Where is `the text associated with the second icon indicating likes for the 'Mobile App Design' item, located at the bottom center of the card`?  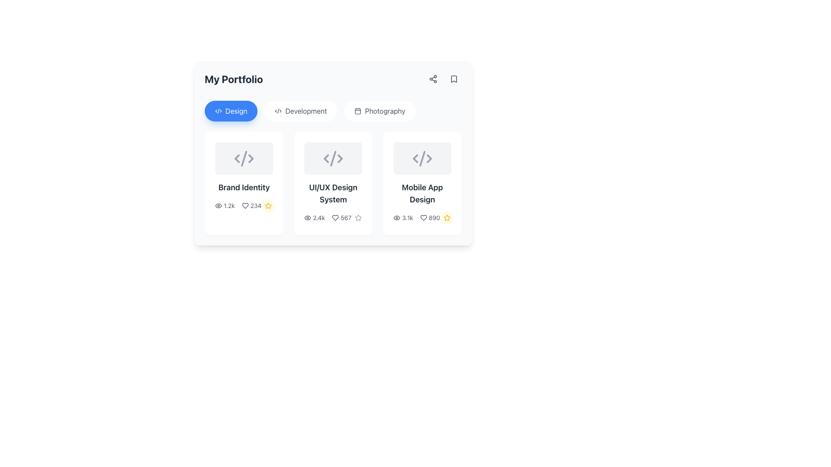
the text associated with the second icon indicating likes for the 'Mobile App Design' item, located at the bottom center of the card is located at coordinates (422, 218).